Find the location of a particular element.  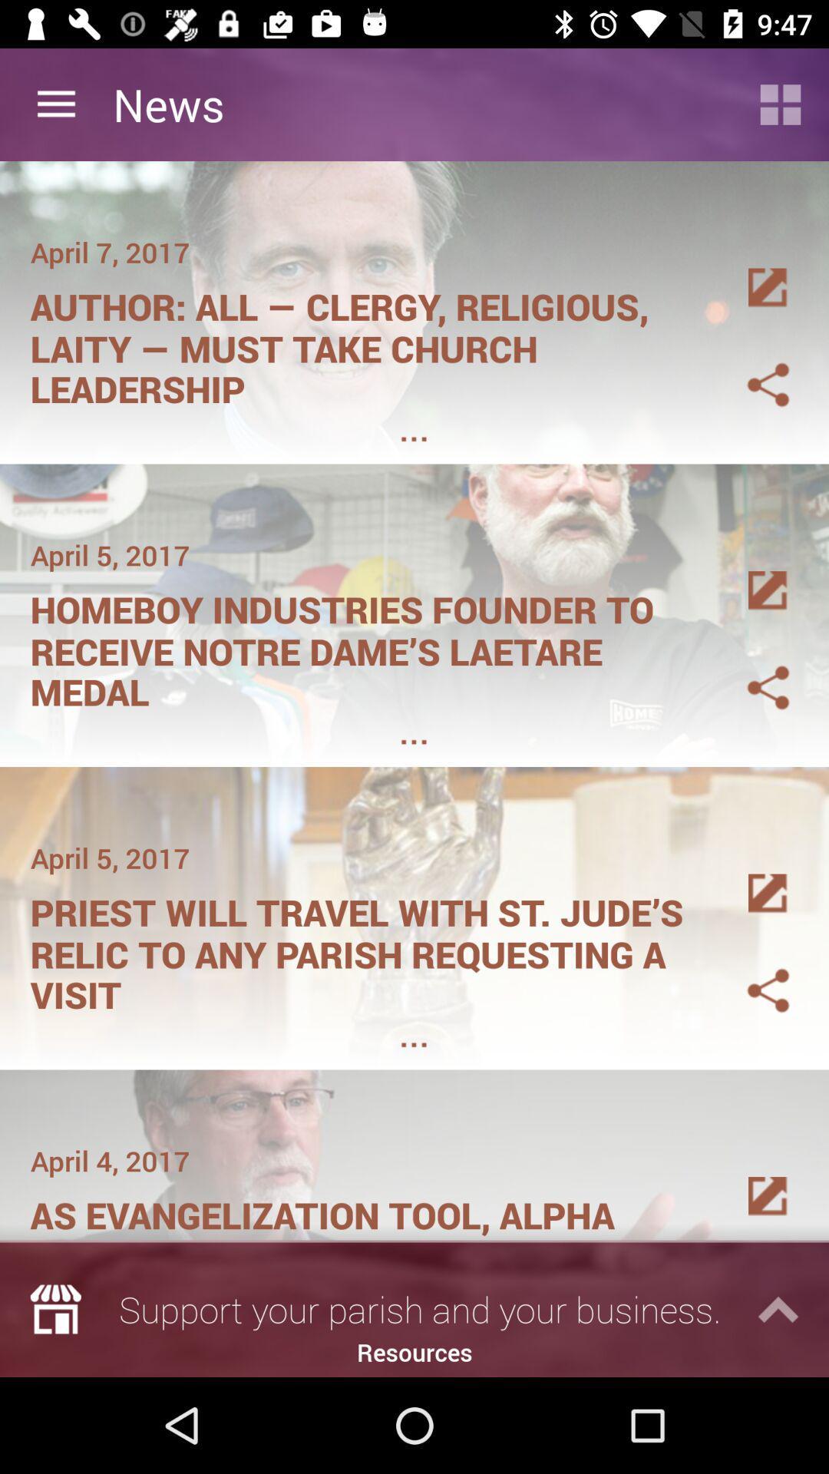

the item below april 5, 2017 item is located at coordinates (366, 948).